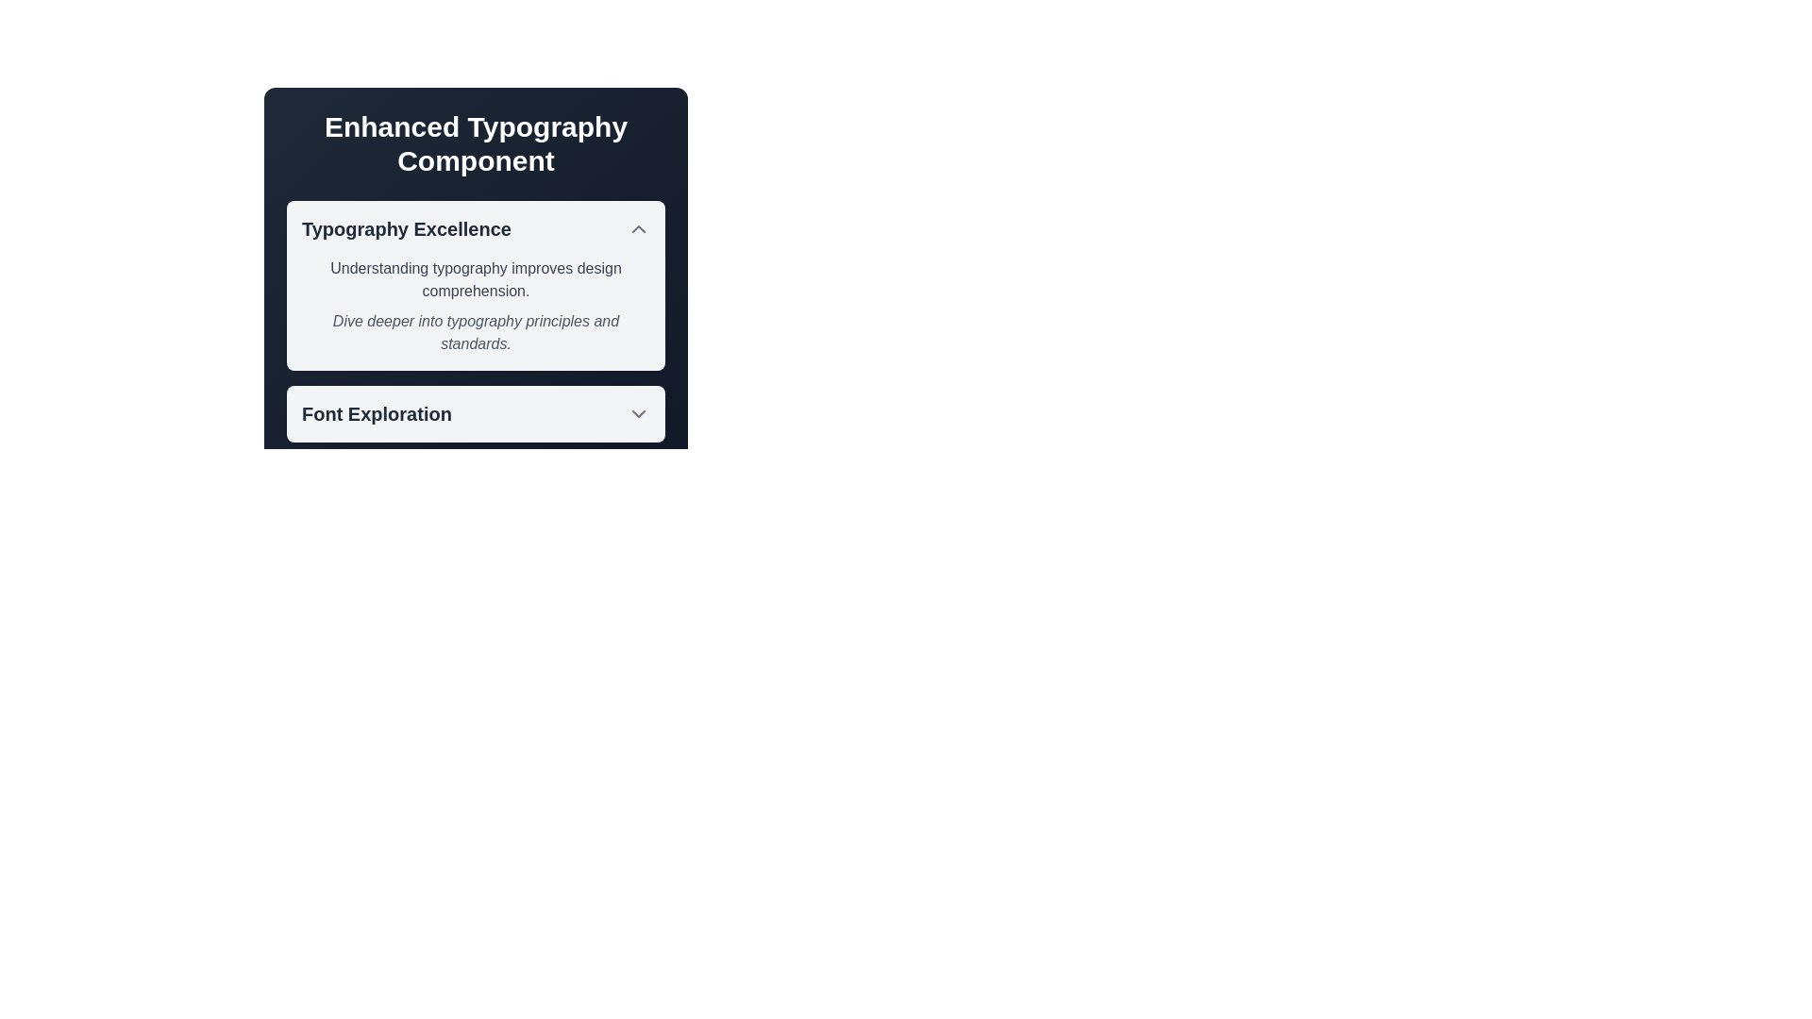  What do you see at coordinates (476, 332) in the screenshot?
I see `the informative text element located below the 'Understanding typography improves design comprehension.' text, which provides elaborative information related to typography principles and standards` at bounding box center [476, 332].